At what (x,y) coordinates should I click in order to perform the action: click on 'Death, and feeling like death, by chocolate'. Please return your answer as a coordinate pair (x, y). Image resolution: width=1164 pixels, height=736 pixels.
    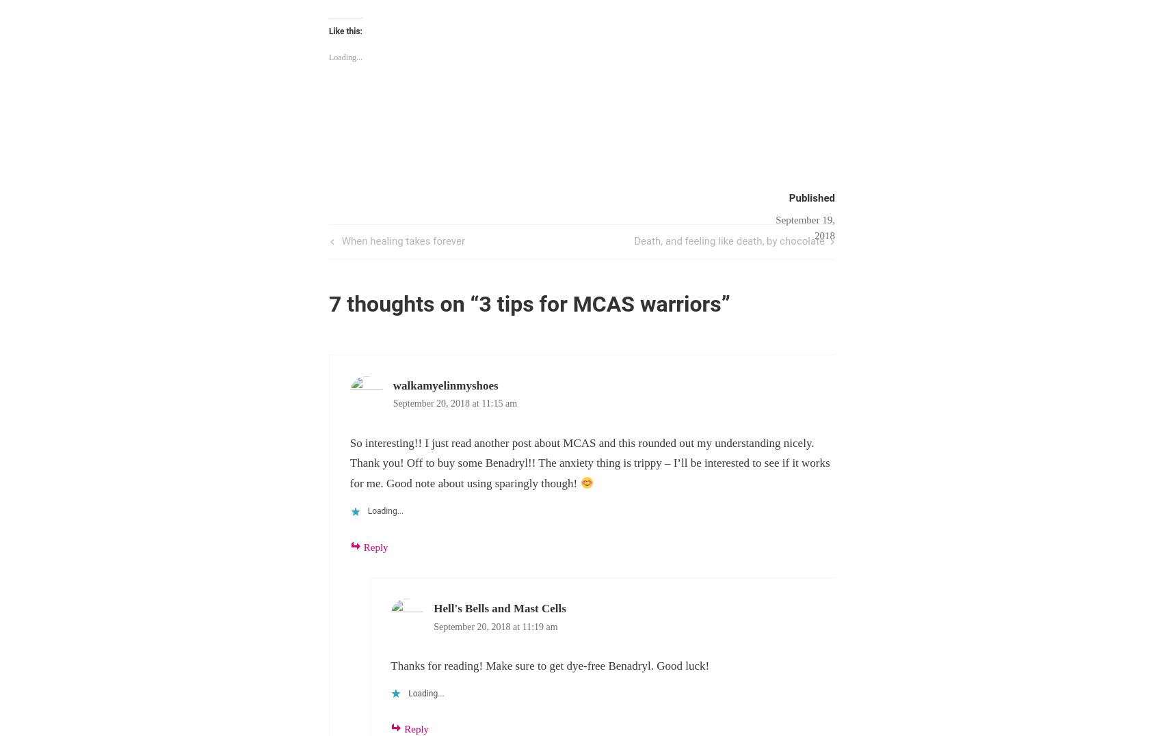
    Looking at the image, I should click on (634, 241).